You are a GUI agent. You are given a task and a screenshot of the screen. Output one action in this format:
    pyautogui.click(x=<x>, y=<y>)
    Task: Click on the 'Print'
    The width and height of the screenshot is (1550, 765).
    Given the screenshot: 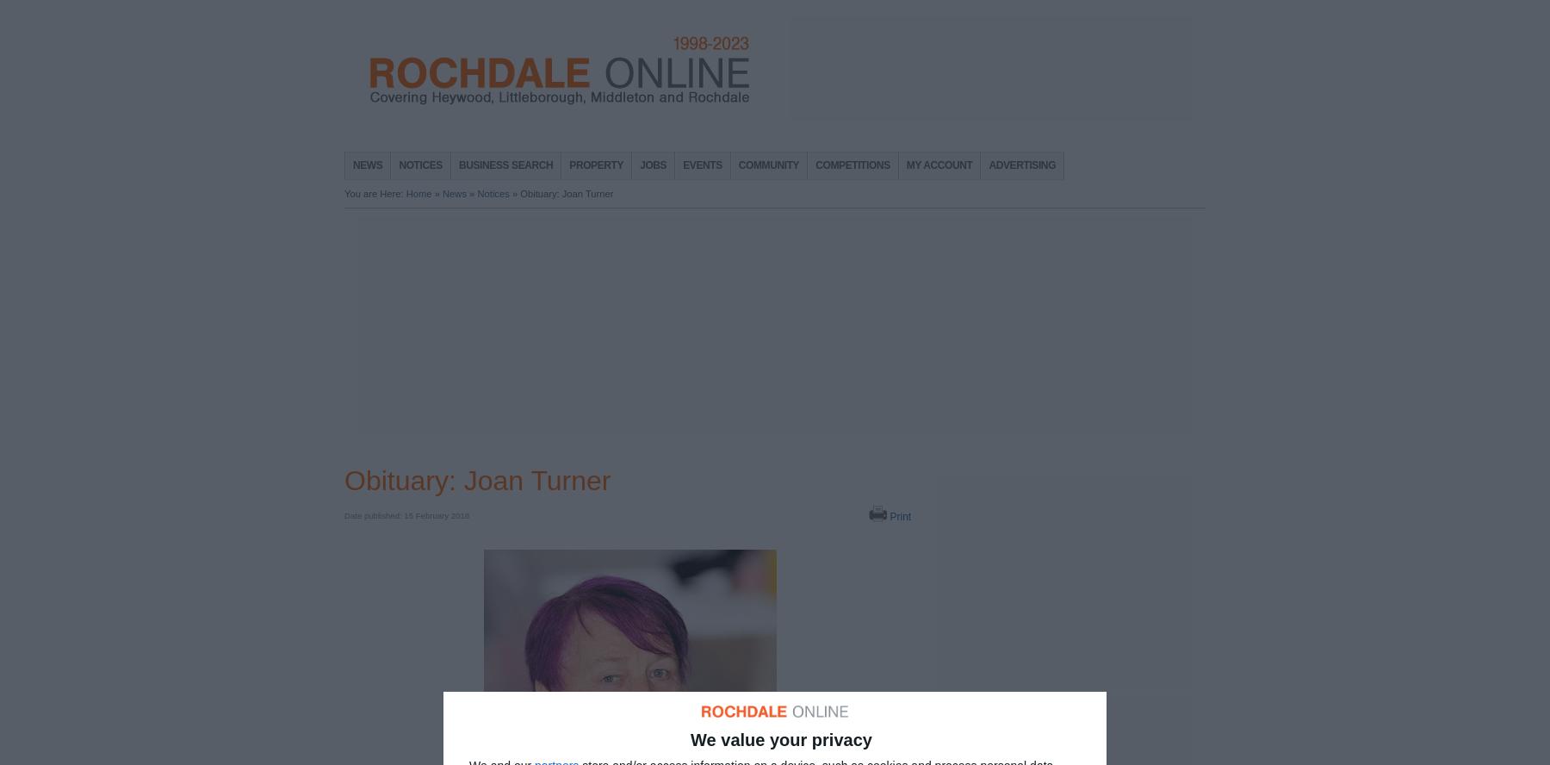 What is the action you would take?
    pyautogui.click(x=900, y=517)
    